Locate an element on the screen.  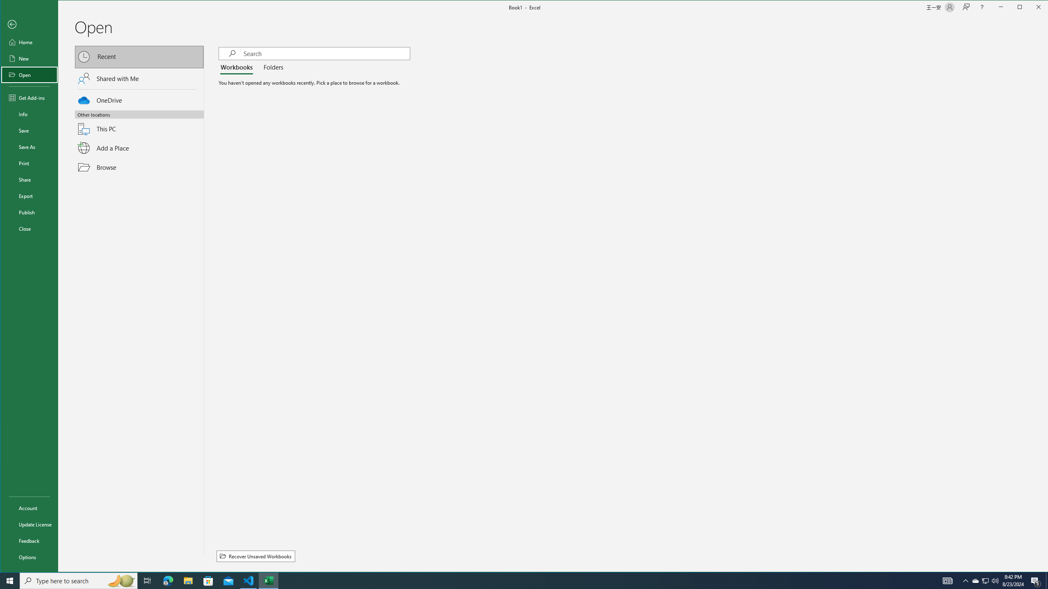
'Print' is located at coordinates (29, 163).